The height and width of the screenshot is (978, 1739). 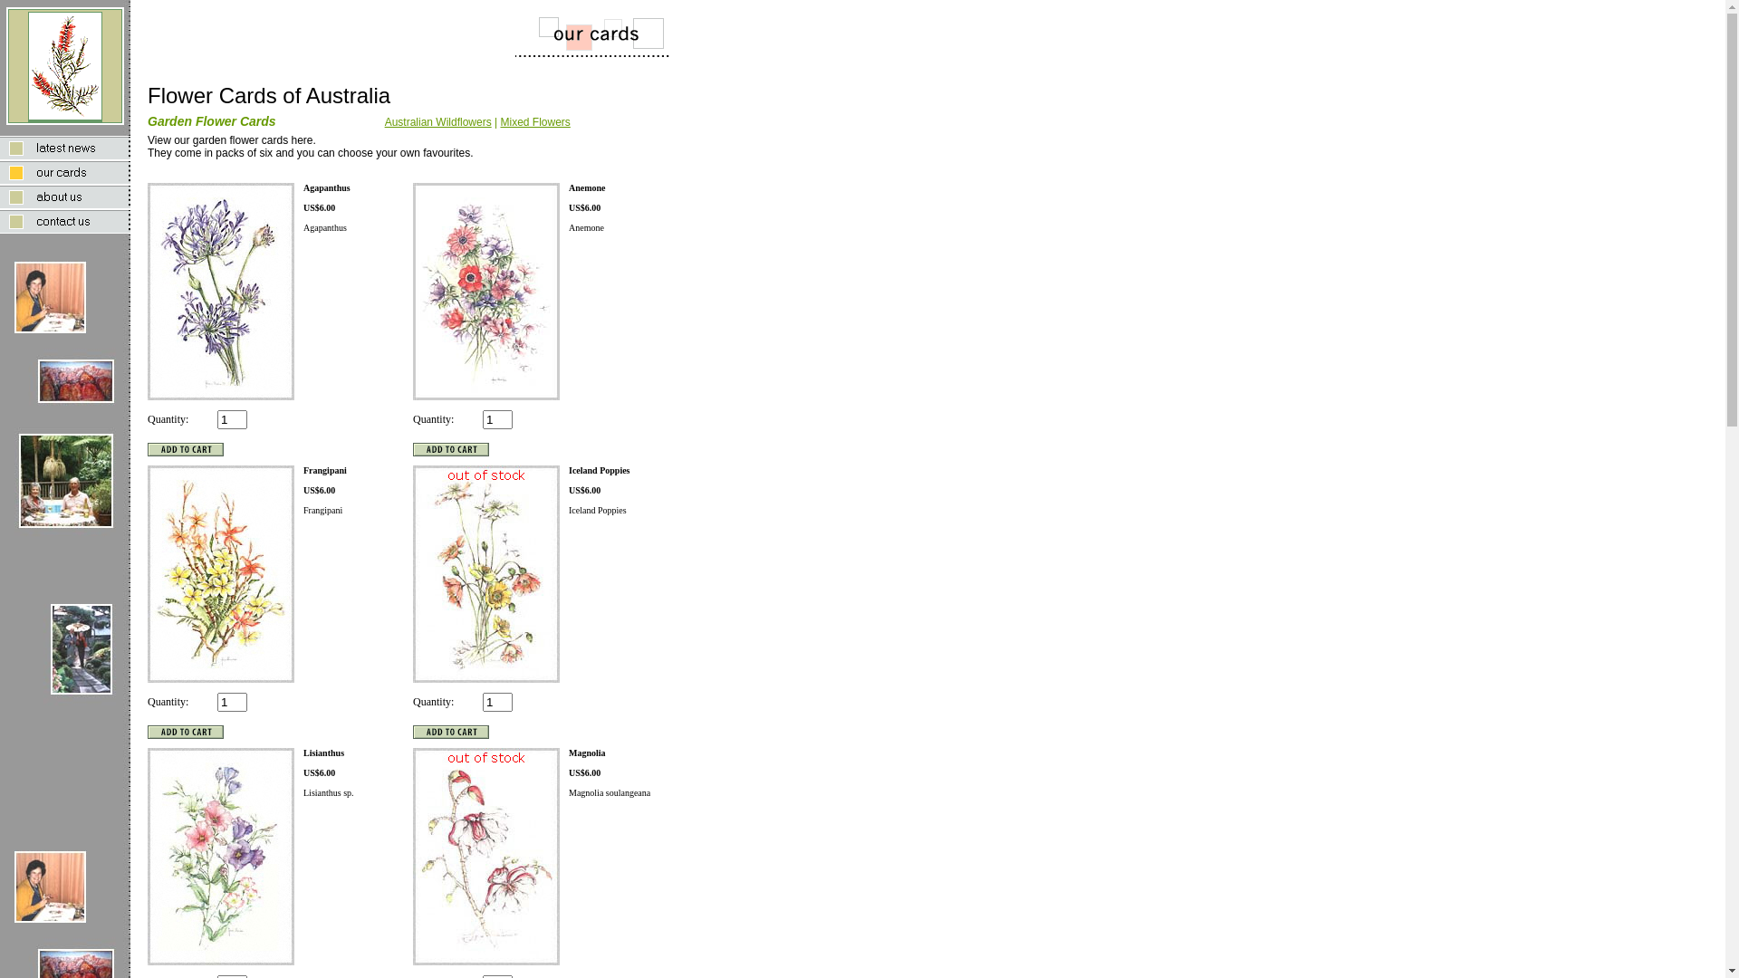 I want to click on 'Mixed Flowers', so click(x=533, y=122).